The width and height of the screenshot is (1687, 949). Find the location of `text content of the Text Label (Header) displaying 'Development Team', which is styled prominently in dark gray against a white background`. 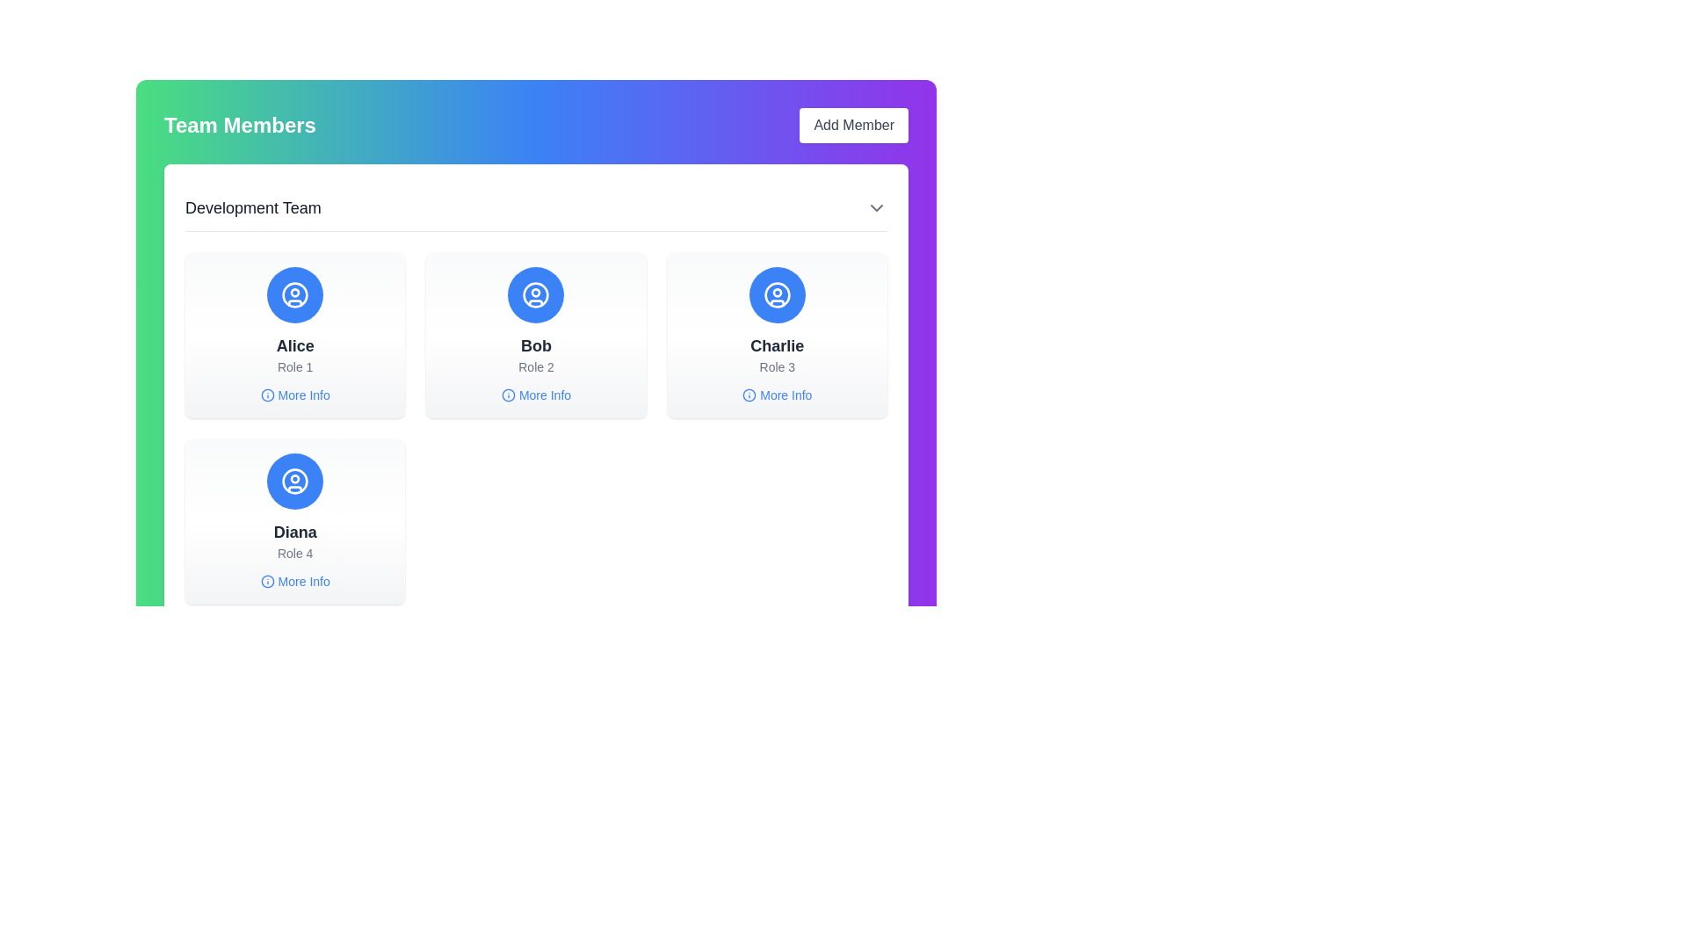

text content of the Text Label (Header) displaying 'Development Team', which is styled prominently in dark gray against a white background is located at coordinates (252, 206).